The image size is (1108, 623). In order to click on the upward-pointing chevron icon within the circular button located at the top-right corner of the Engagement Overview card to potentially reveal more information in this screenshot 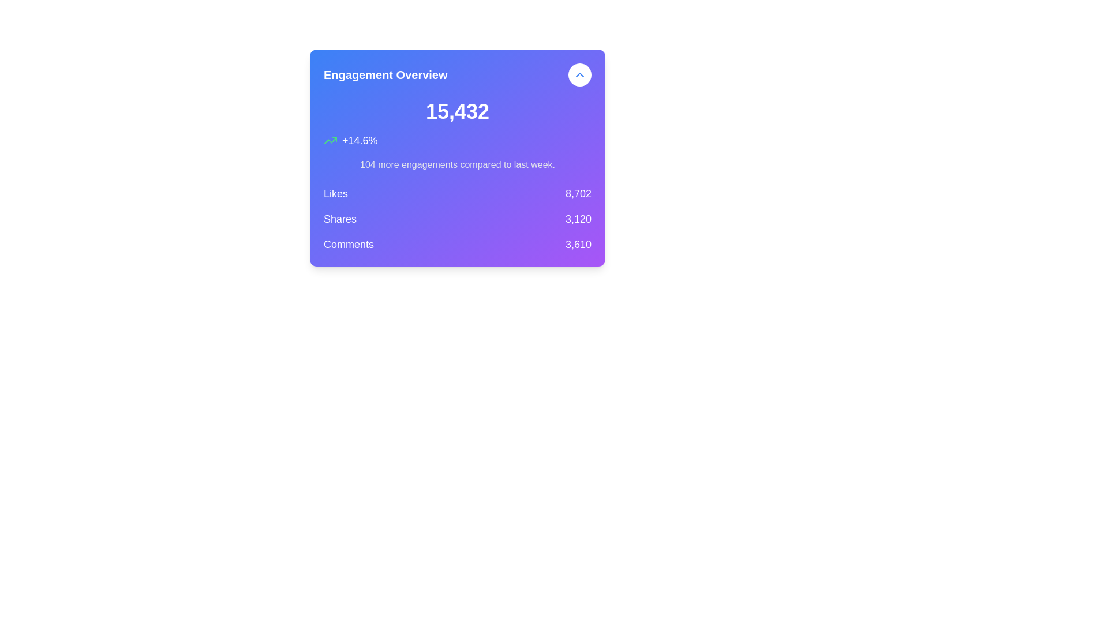, I will do `click(579, 75)`.